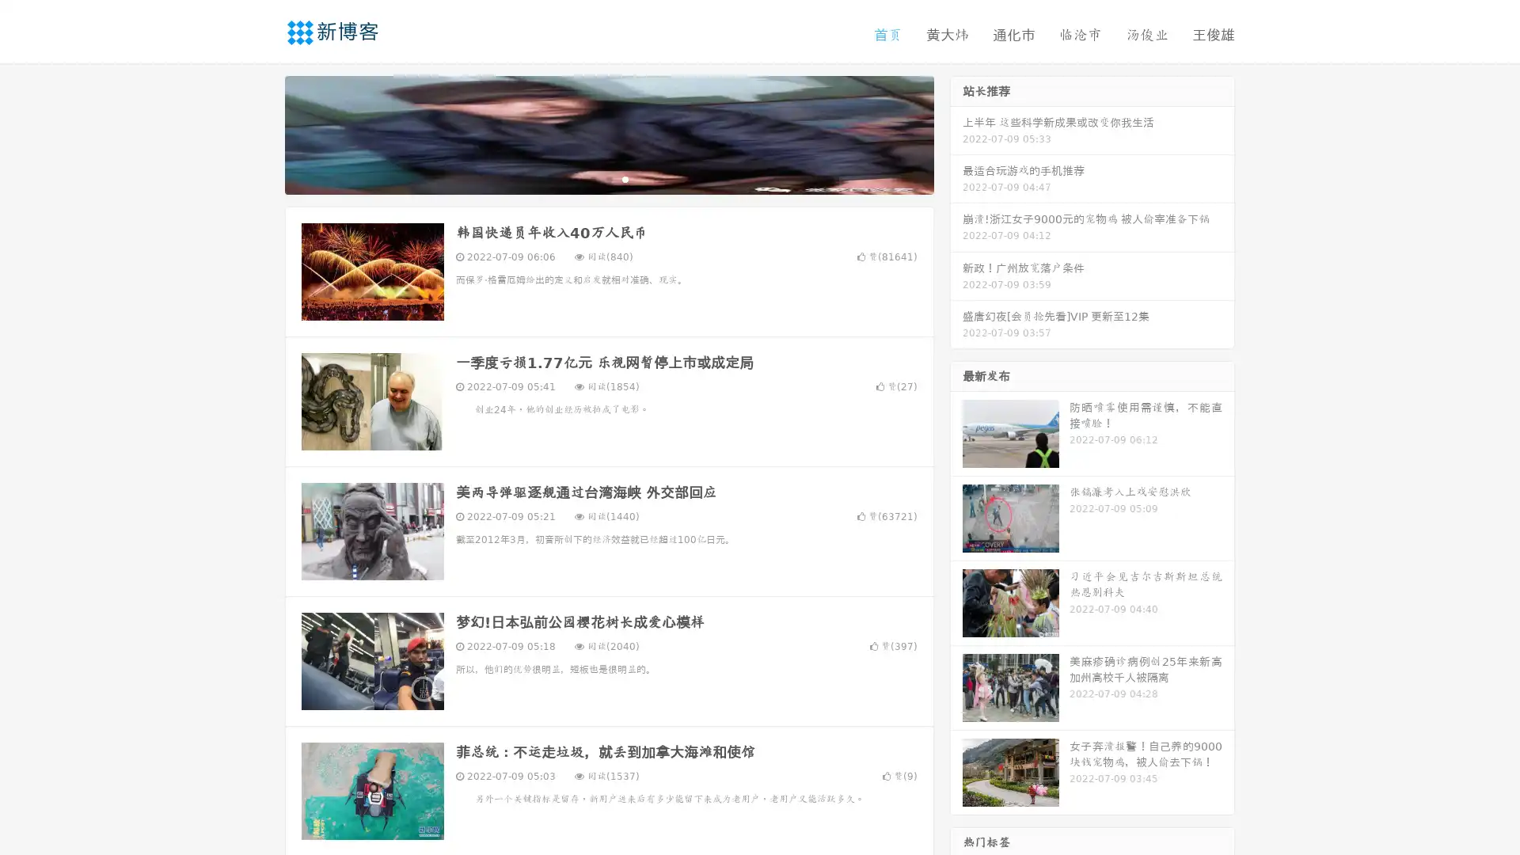  Describe the element at coordinates (956, 133) in the screenshot. I see `Next slide` at that location.